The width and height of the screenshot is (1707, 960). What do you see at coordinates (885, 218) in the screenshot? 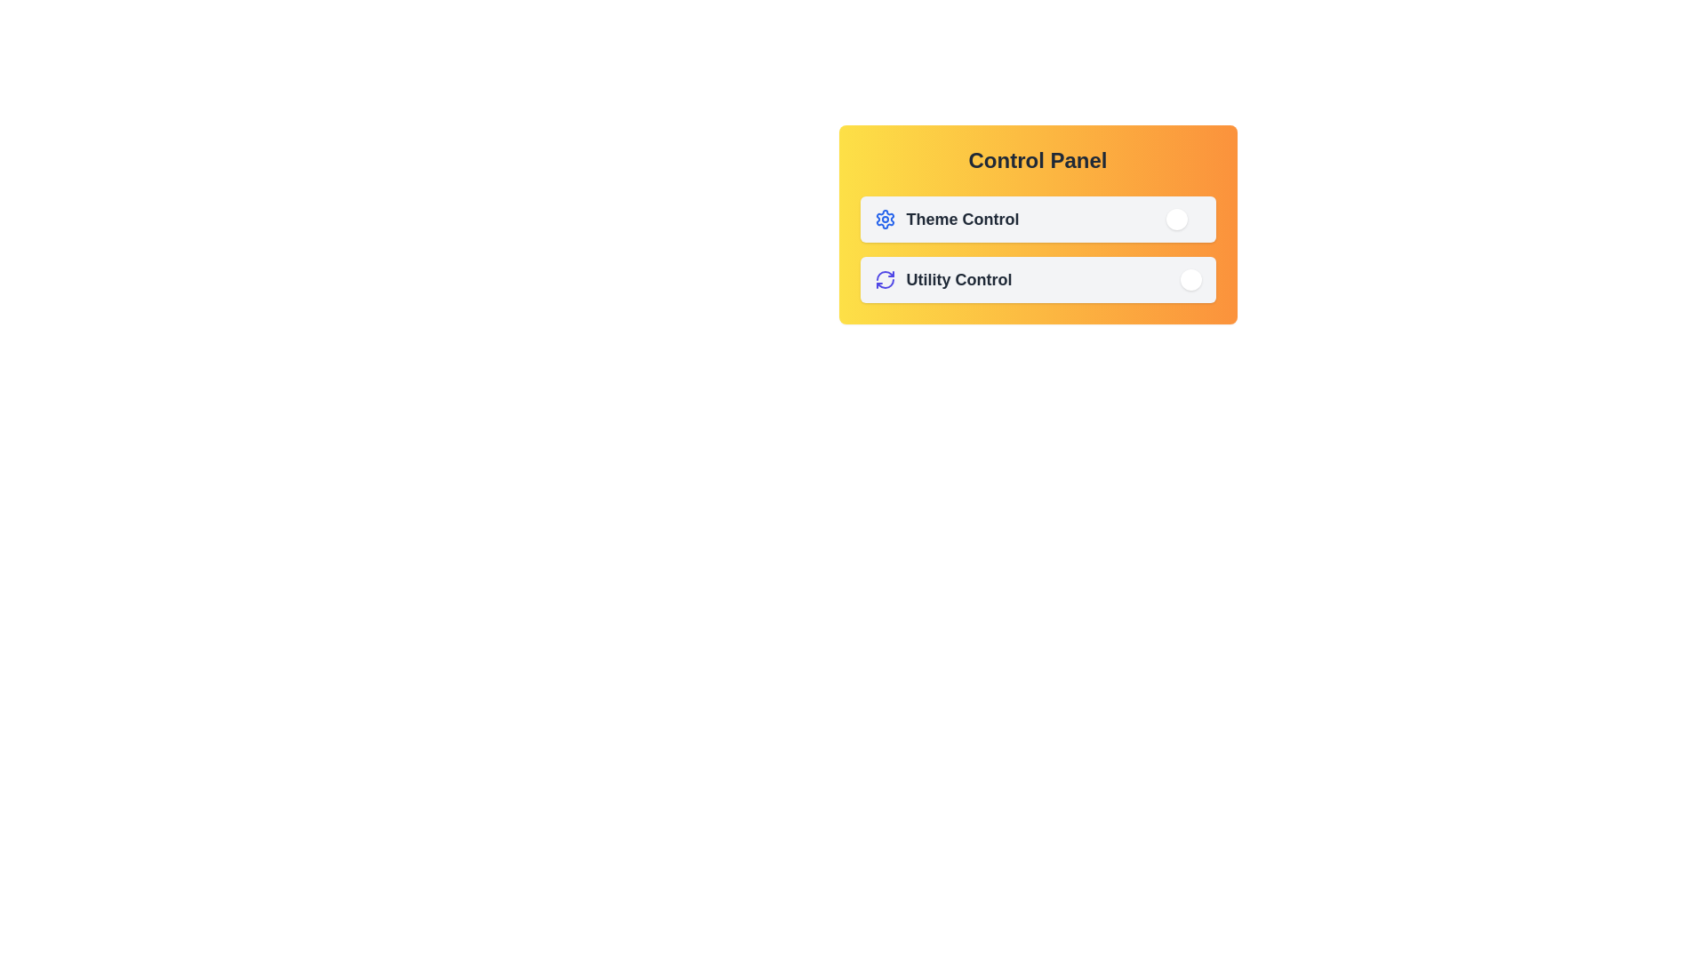
I see `the settings icon located in the first row of icons to the left of the label 'Theme Control'` at bounding box center [885, 218].